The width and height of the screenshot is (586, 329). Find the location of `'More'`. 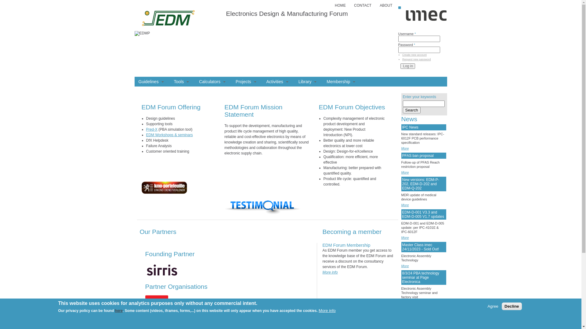

'More' is located at coordinates (405, 303).